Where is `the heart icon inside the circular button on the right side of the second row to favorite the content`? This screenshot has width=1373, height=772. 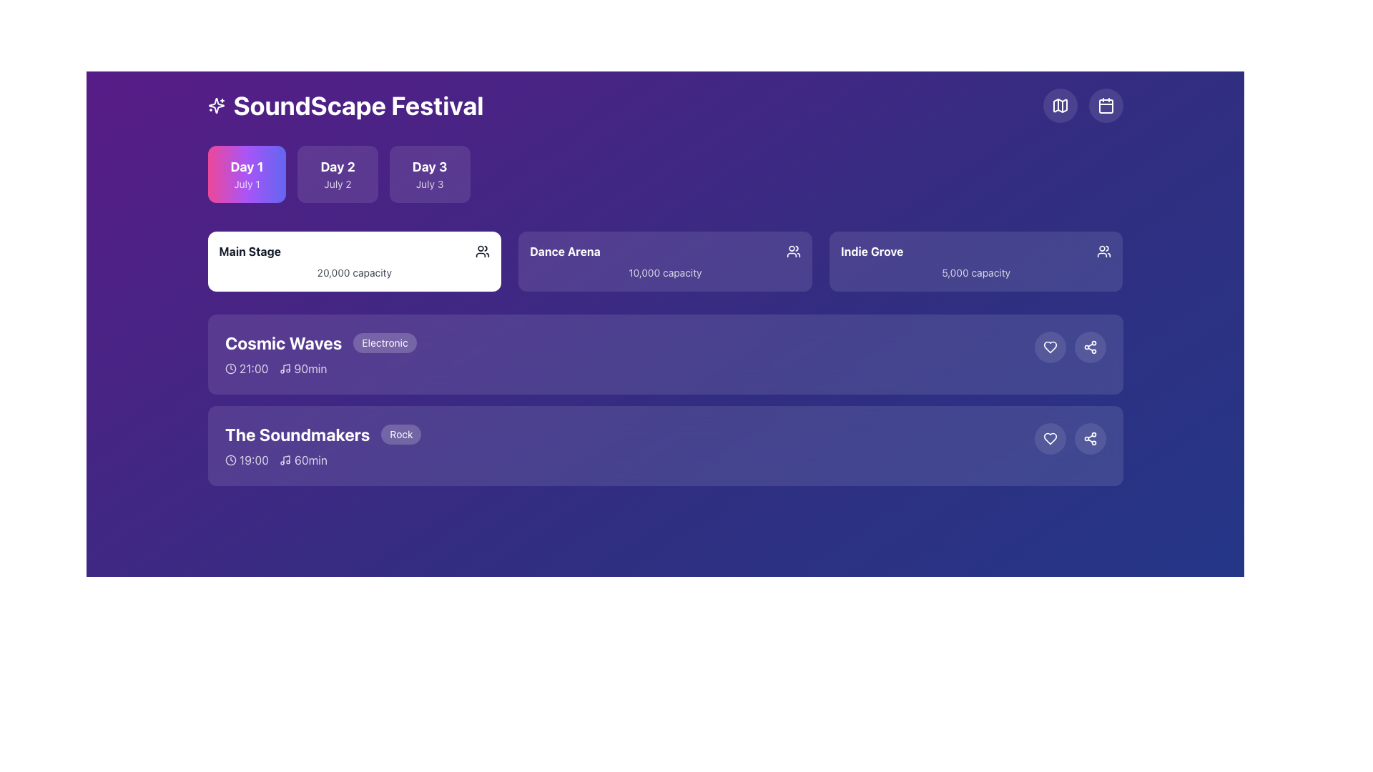
the heart icon inside the circular button on the right side of the second row to favorite the content is located at coordinates (1050, 347).